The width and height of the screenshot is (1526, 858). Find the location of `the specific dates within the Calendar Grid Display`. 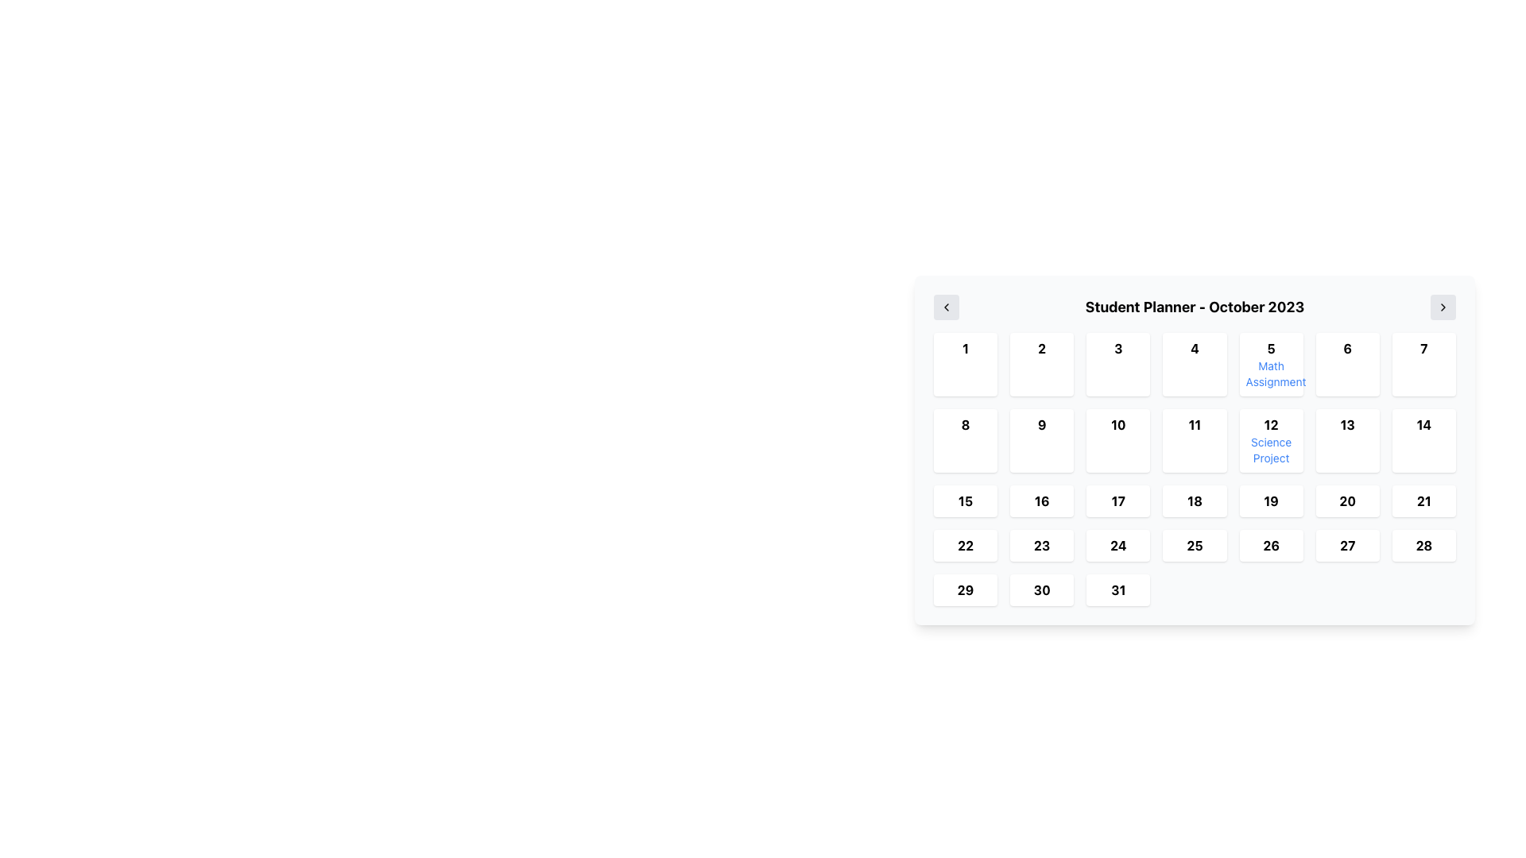

the specific dates within the Calendar Grid Display is located at coordinates (1195, 450).